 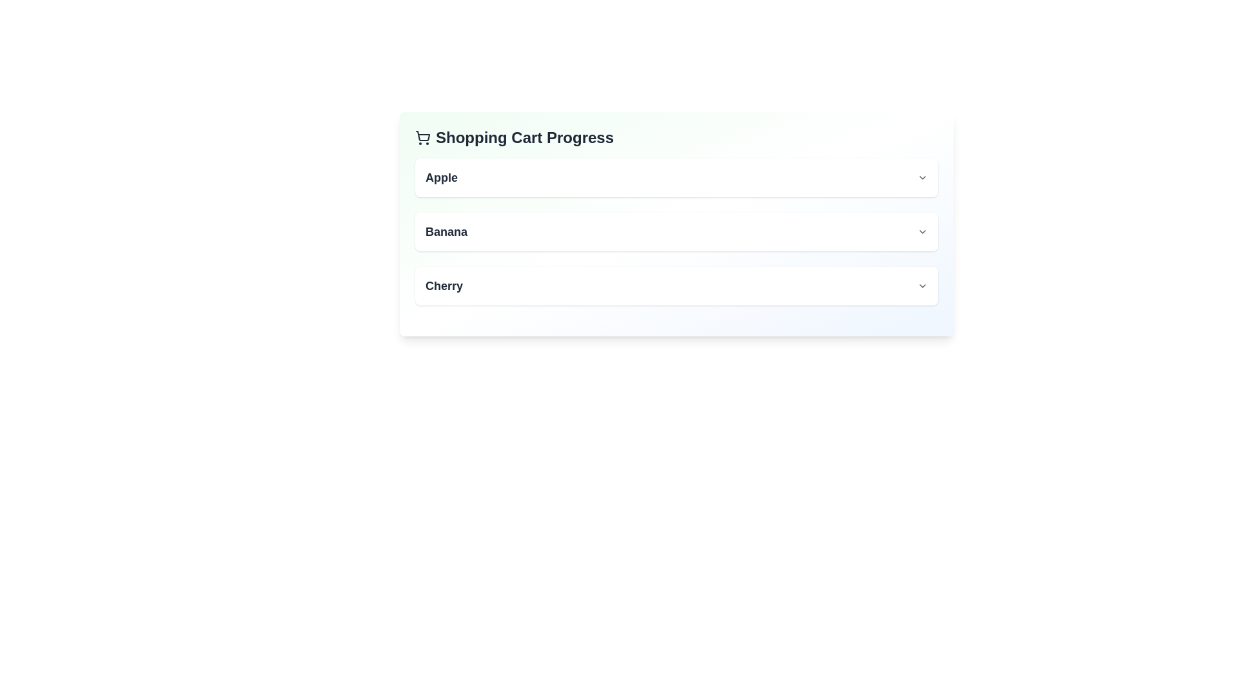 What do you see at coordinates (442, 178) in the screenshot?
I see `the 'Apple' text label which displays the category for the dropdown list, located beneath the 'Shopping Cart Progress' title` at bounding box center [442, 178].